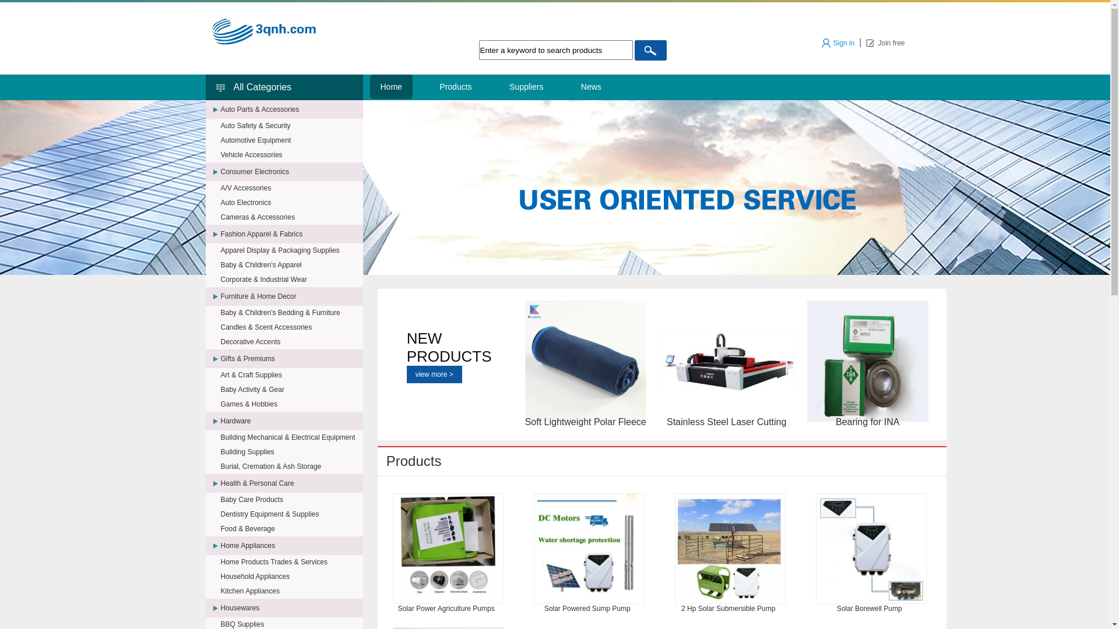 The width and height of the screenshot is (1119, 629). Describe the element at coordinates (291, 202) in the screenshot. I see `'Auto Electronics'` at that location.